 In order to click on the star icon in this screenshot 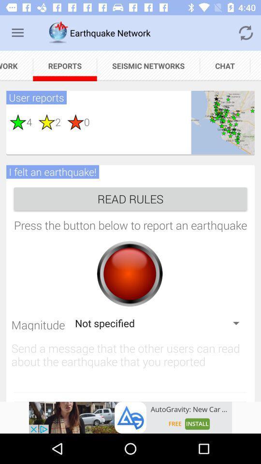, I will do `click(72, 121)`.